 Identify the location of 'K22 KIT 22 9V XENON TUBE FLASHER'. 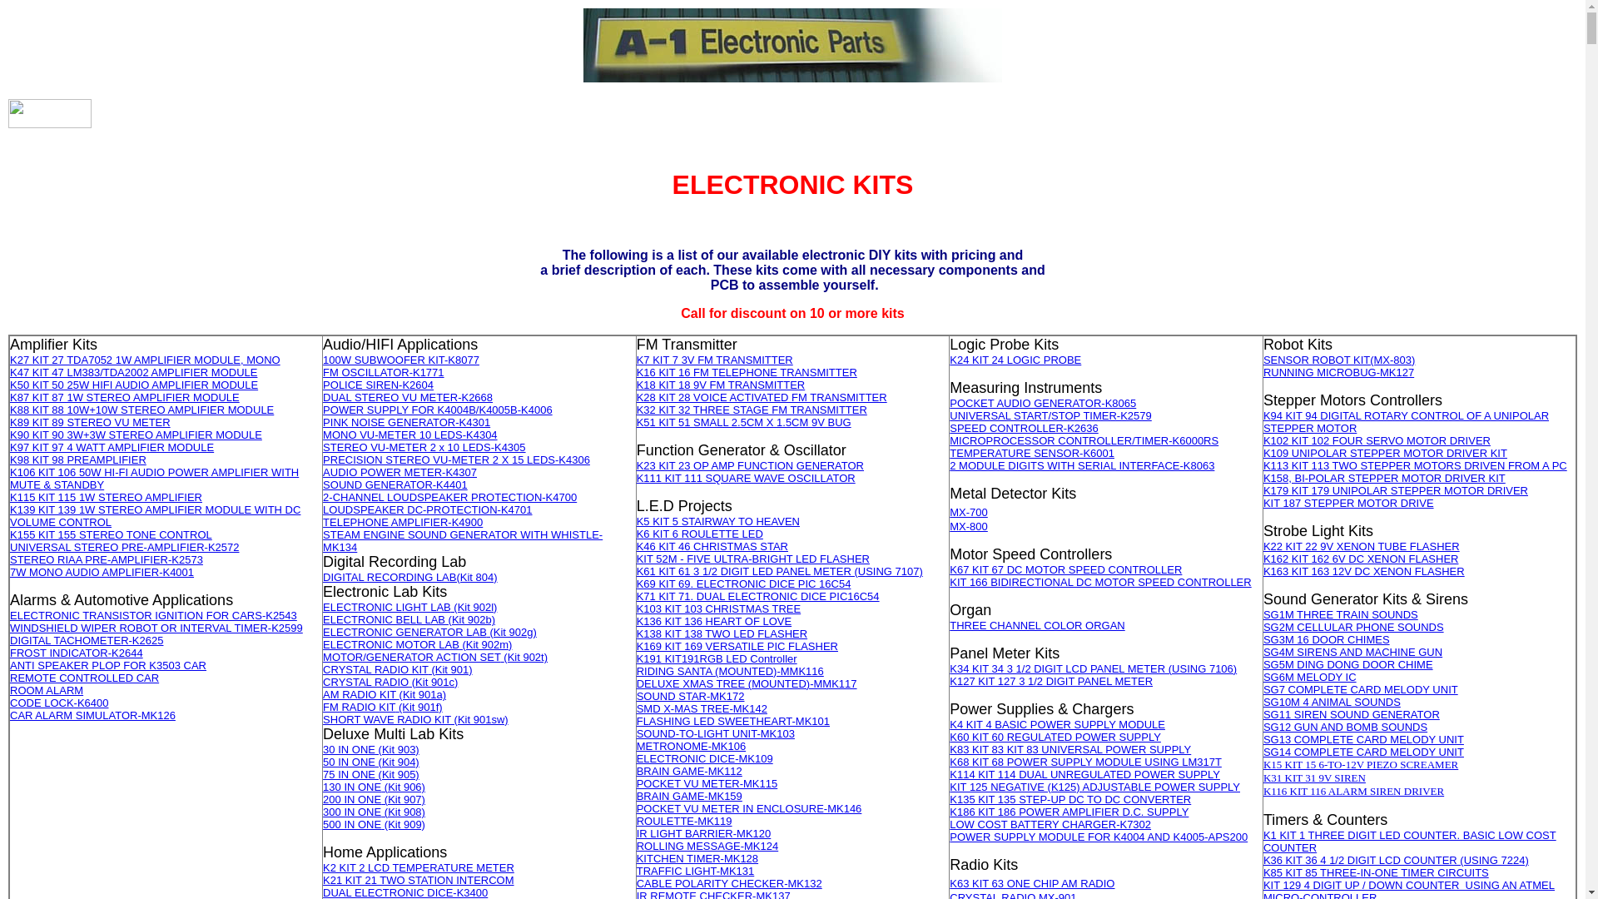
(1362, 546).